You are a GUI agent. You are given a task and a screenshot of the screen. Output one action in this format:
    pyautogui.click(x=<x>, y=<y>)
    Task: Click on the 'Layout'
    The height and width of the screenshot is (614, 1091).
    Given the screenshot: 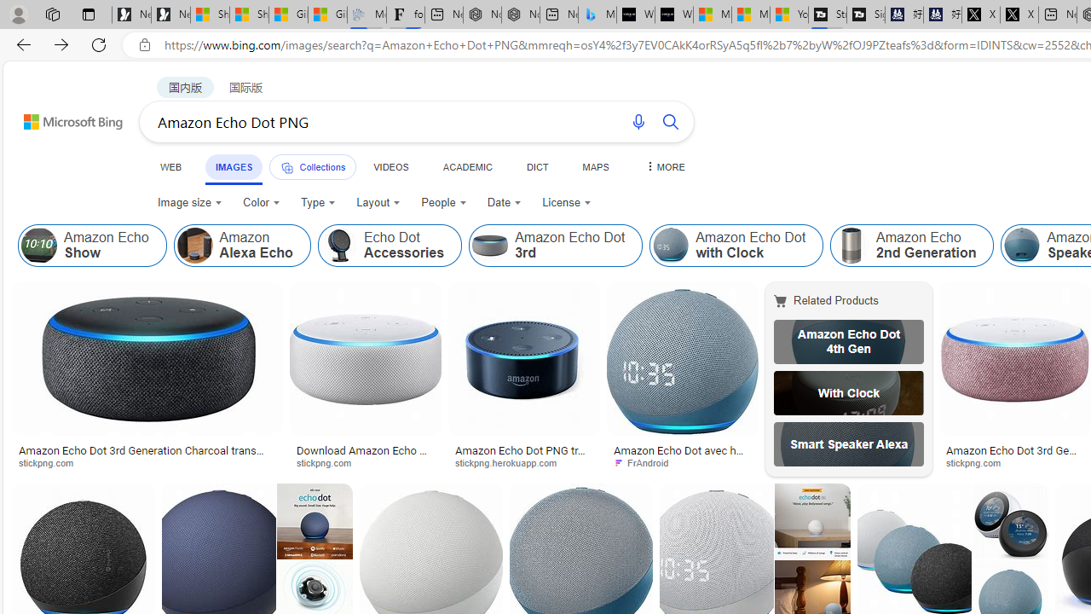 What is the action you would take?
    pyautogui.click(x=378, y=201)
    